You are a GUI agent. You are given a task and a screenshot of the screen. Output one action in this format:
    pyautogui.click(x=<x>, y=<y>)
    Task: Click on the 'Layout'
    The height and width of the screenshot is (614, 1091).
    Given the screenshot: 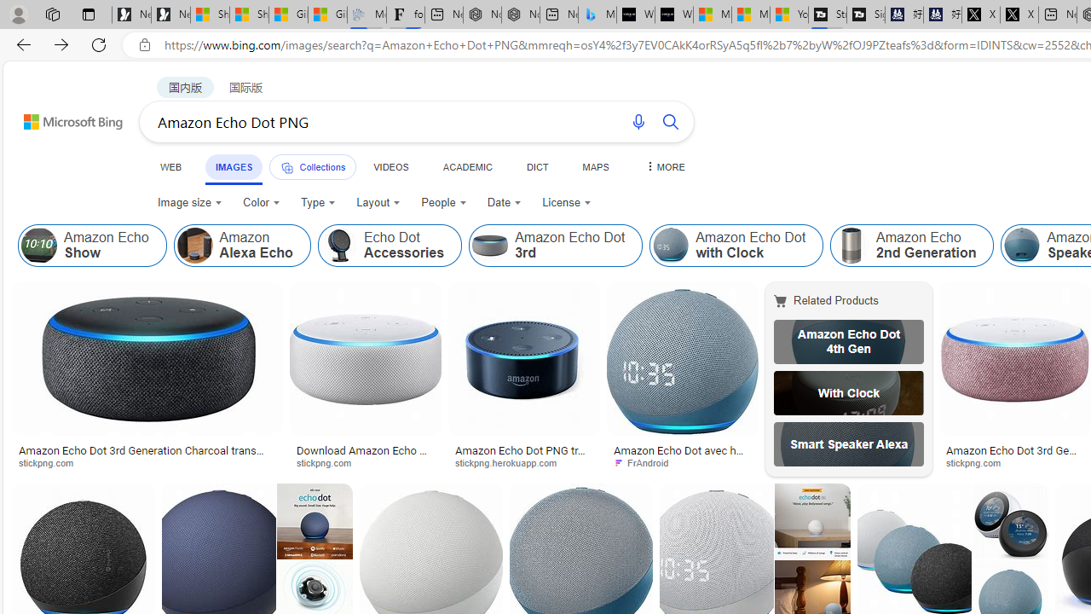 What is the action you would take?
    pyautogui.click(x=378, y=201)
    